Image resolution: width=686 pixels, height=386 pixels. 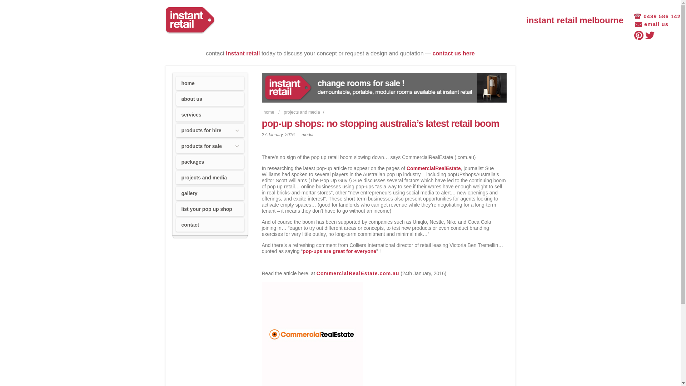 What do you see at coordinates (652, 24) in the screenshot?
I see `'email us'` at bounding box center [652, 24].